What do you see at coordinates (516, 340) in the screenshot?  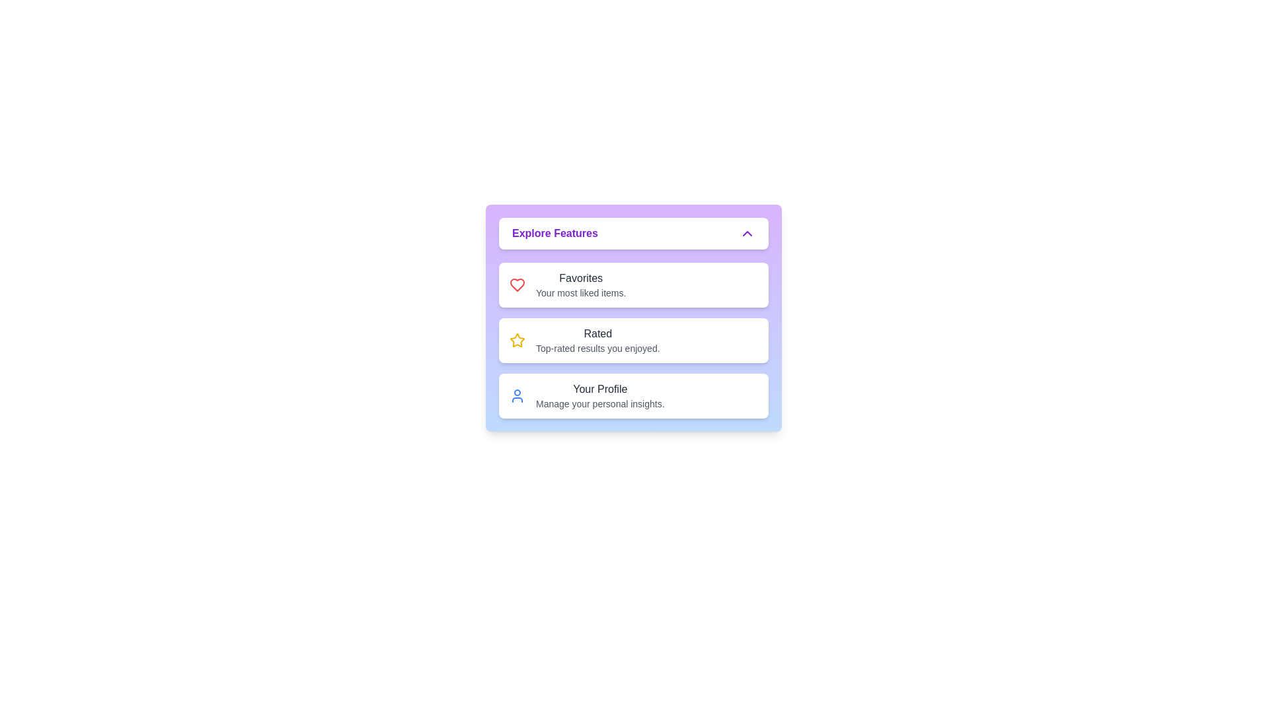 I see `the star icon representing the 'Rated' section in the vertically stacked menu, located between 'Favorites' and 'Your Profile'` at bounding box center [516, 340].